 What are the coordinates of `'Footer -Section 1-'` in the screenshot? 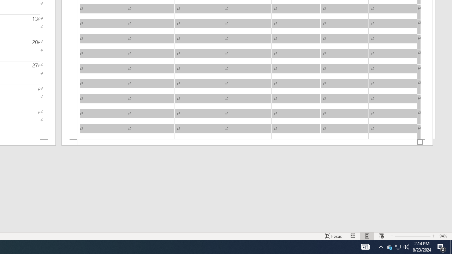 It's located at (247, 143).